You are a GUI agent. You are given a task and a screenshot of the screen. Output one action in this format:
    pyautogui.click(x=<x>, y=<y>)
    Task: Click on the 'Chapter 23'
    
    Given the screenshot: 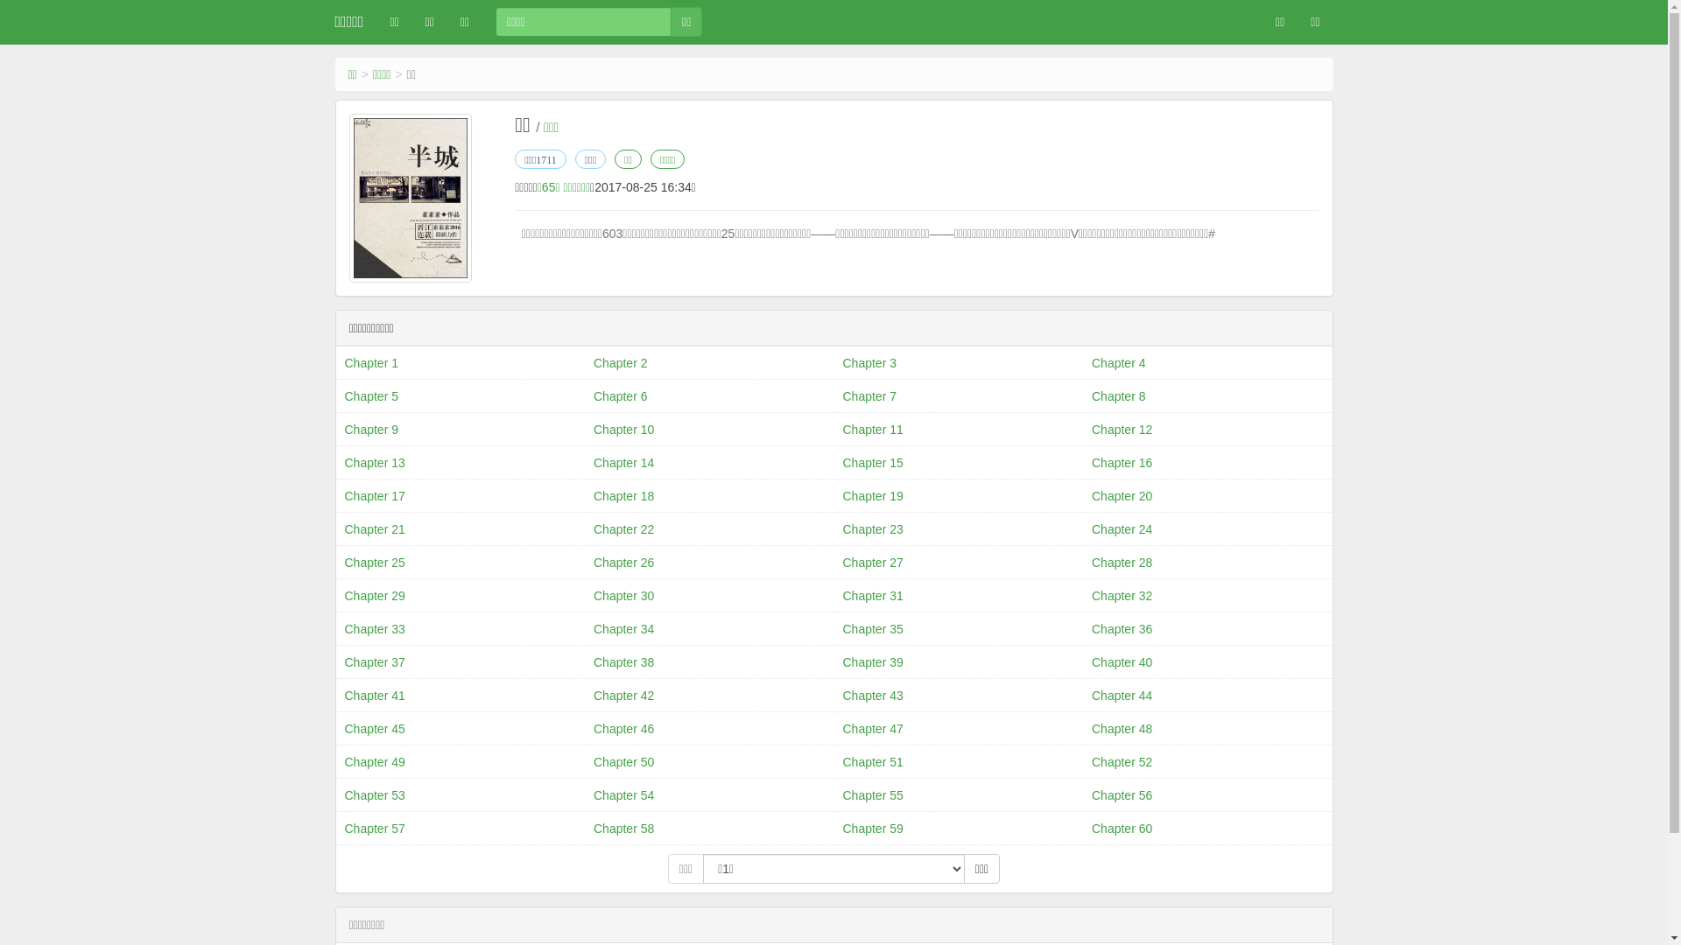 What is the action you would take?
    pyautogui.click(x=957, y=528)
    